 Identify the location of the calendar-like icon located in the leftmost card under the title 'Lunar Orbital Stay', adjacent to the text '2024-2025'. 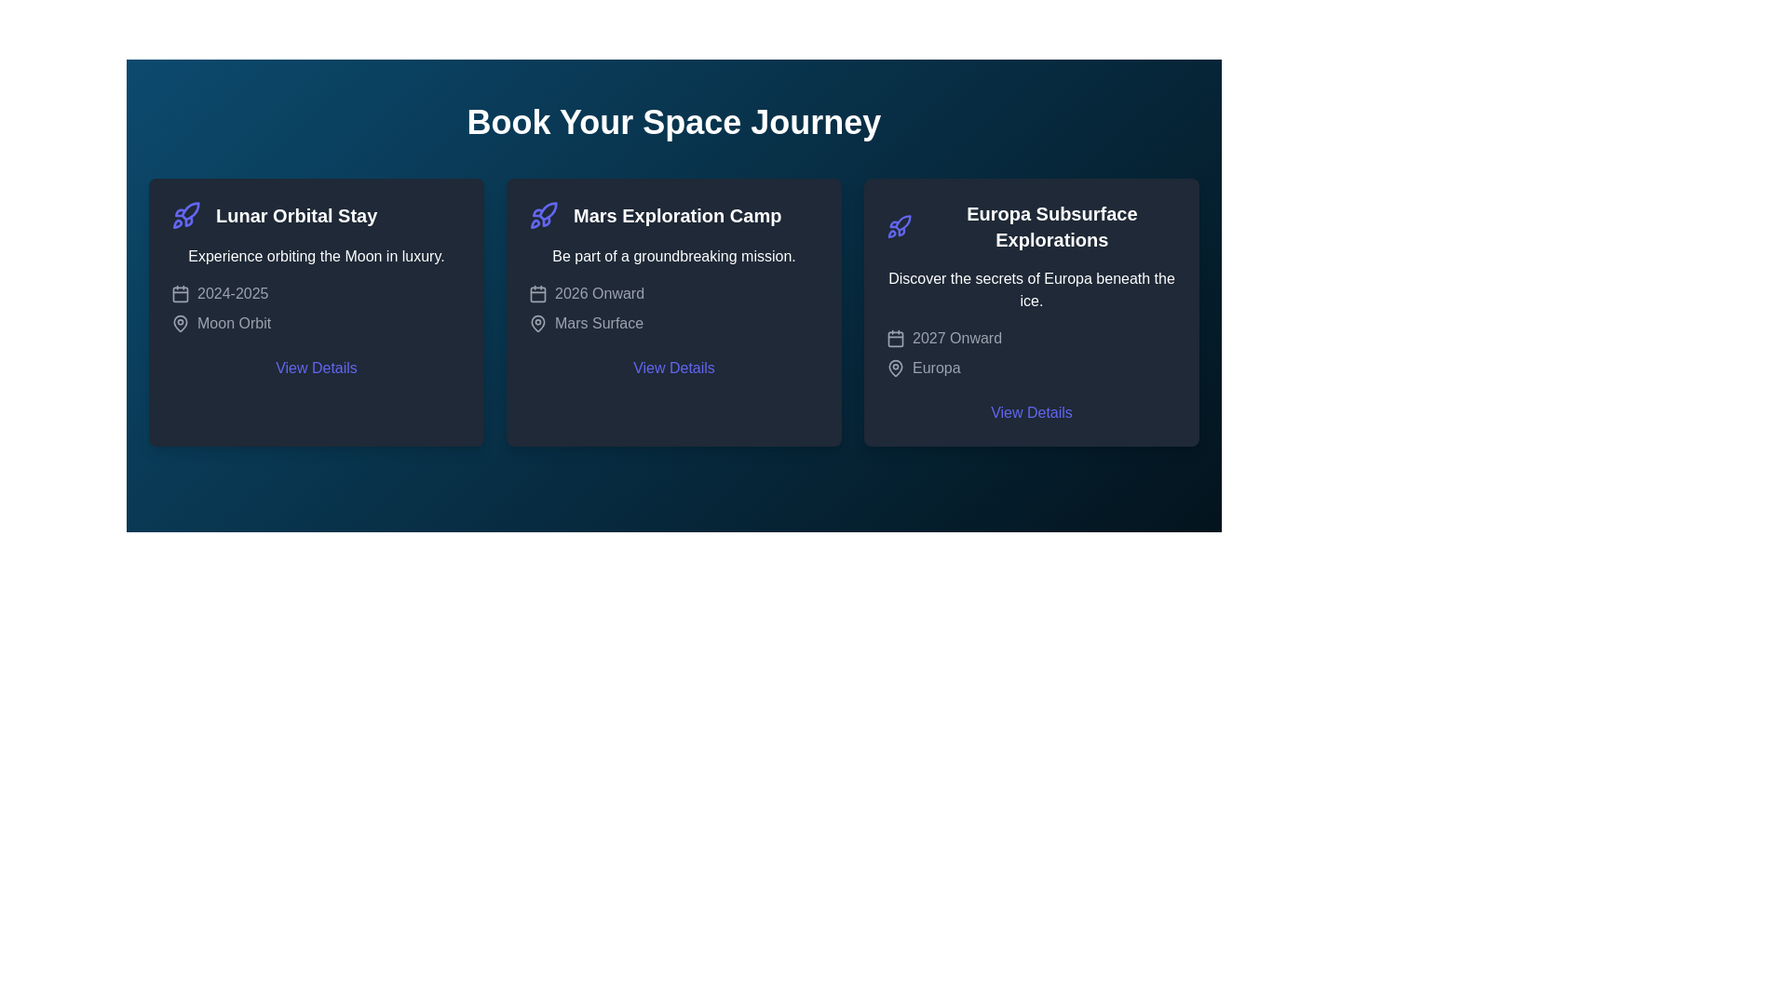
(180, 293).